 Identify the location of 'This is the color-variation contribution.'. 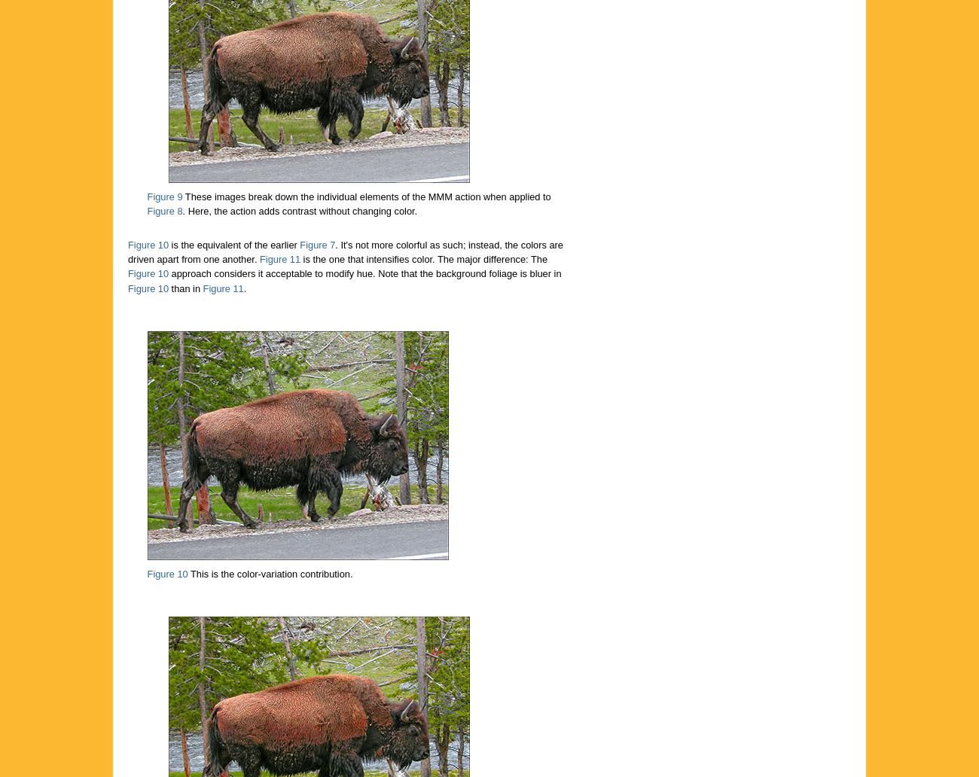
(269, 573).